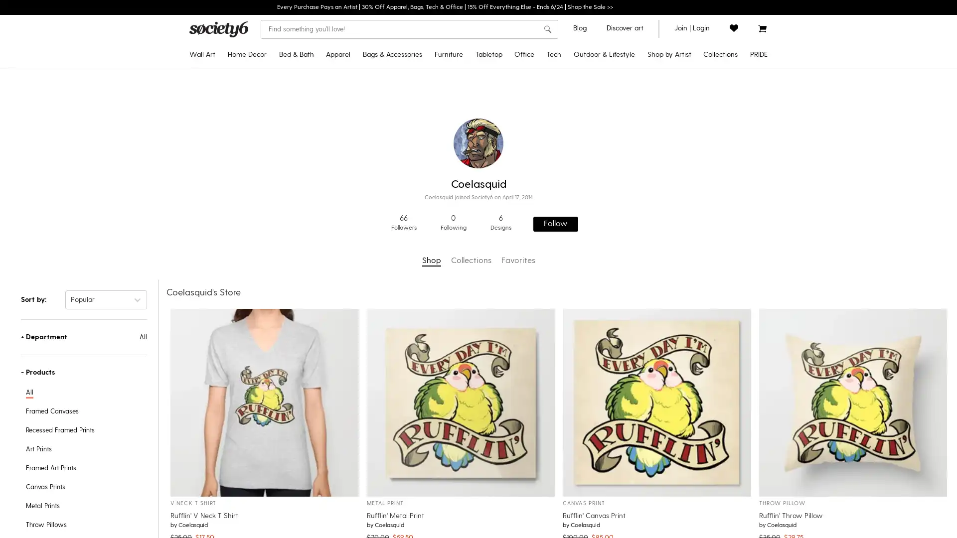  Describe the element at coordinates (642, 80) in the screenshot. I see `Disney` at that location.